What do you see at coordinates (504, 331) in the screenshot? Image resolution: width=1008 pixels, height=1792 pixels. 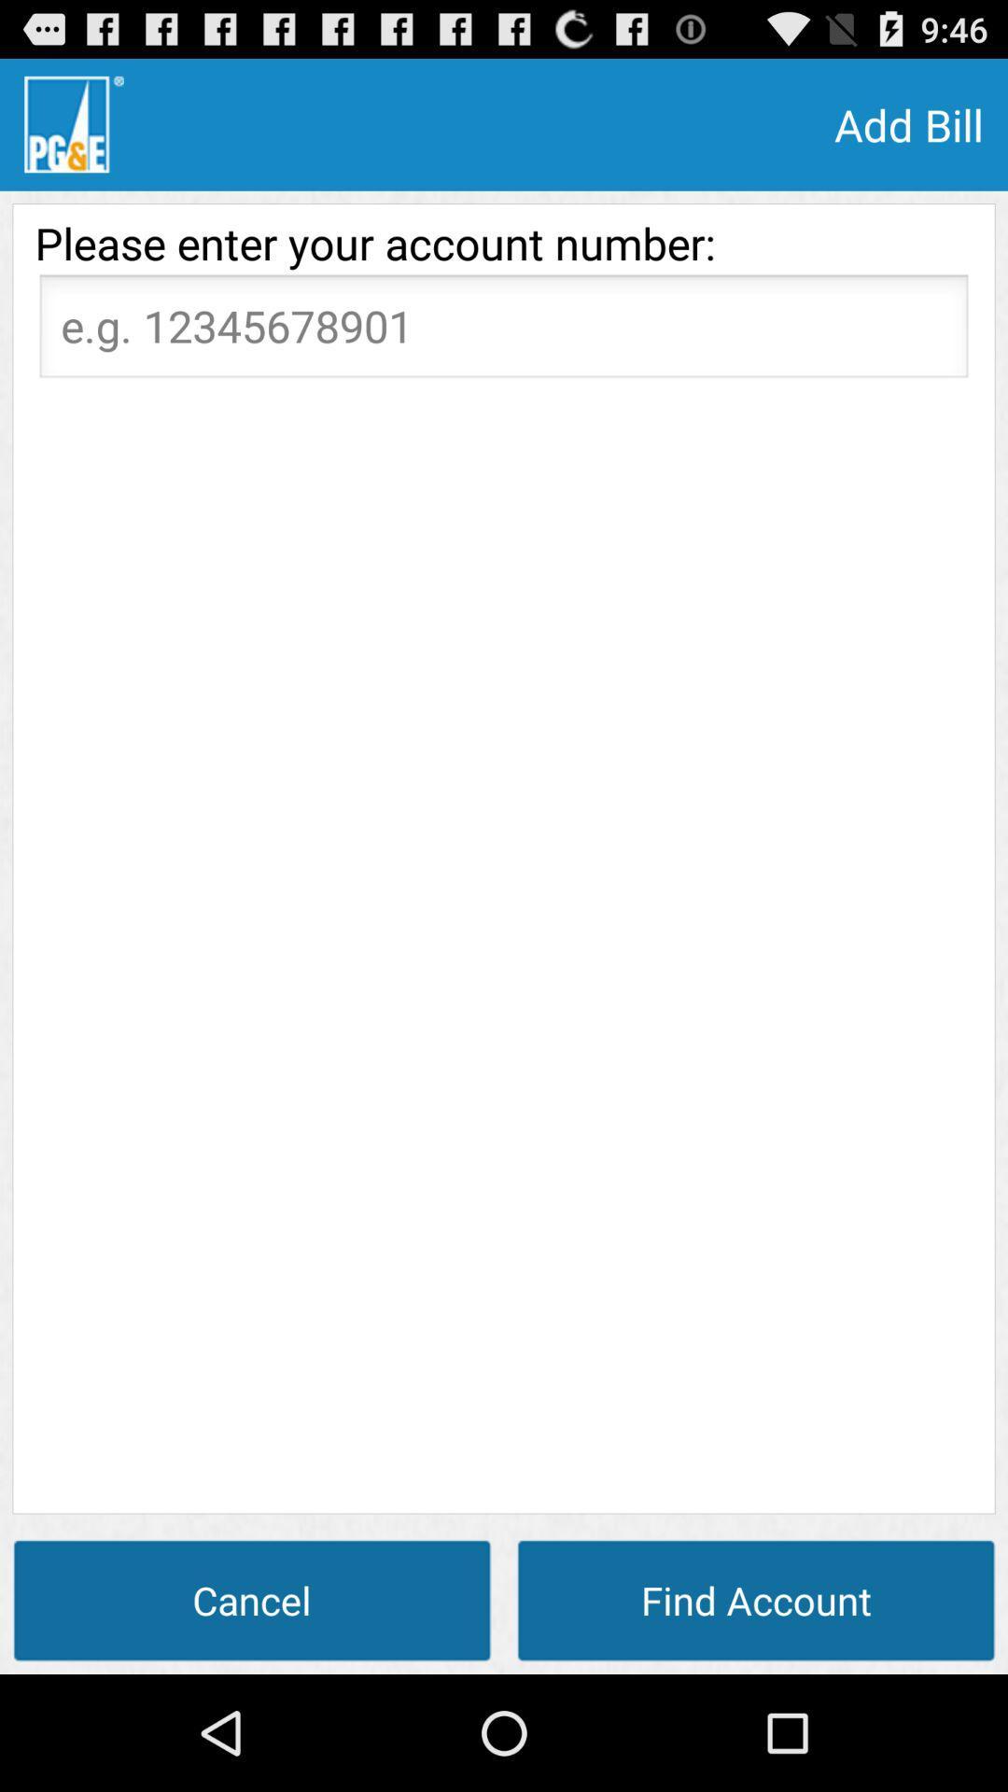 I see `form input to enter account number` at bounding box center [504, 331].